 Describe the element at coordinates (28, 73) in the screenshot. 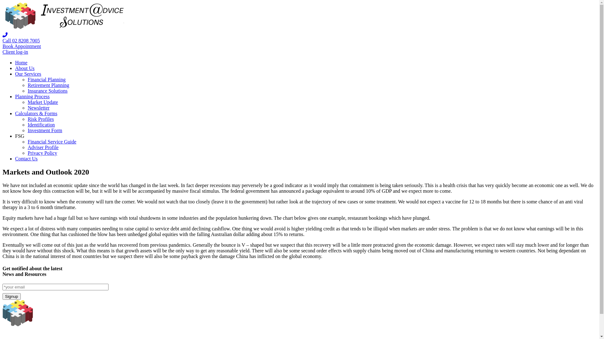

I see `'Our Services'` at that location.